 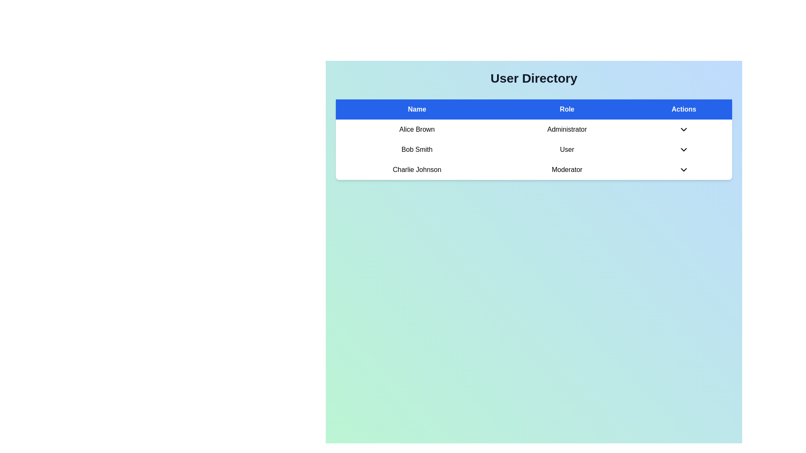 I want to click on the static text label displaying the user's name, which is the leftmost element in the user details row, so click(x=417, y=170).